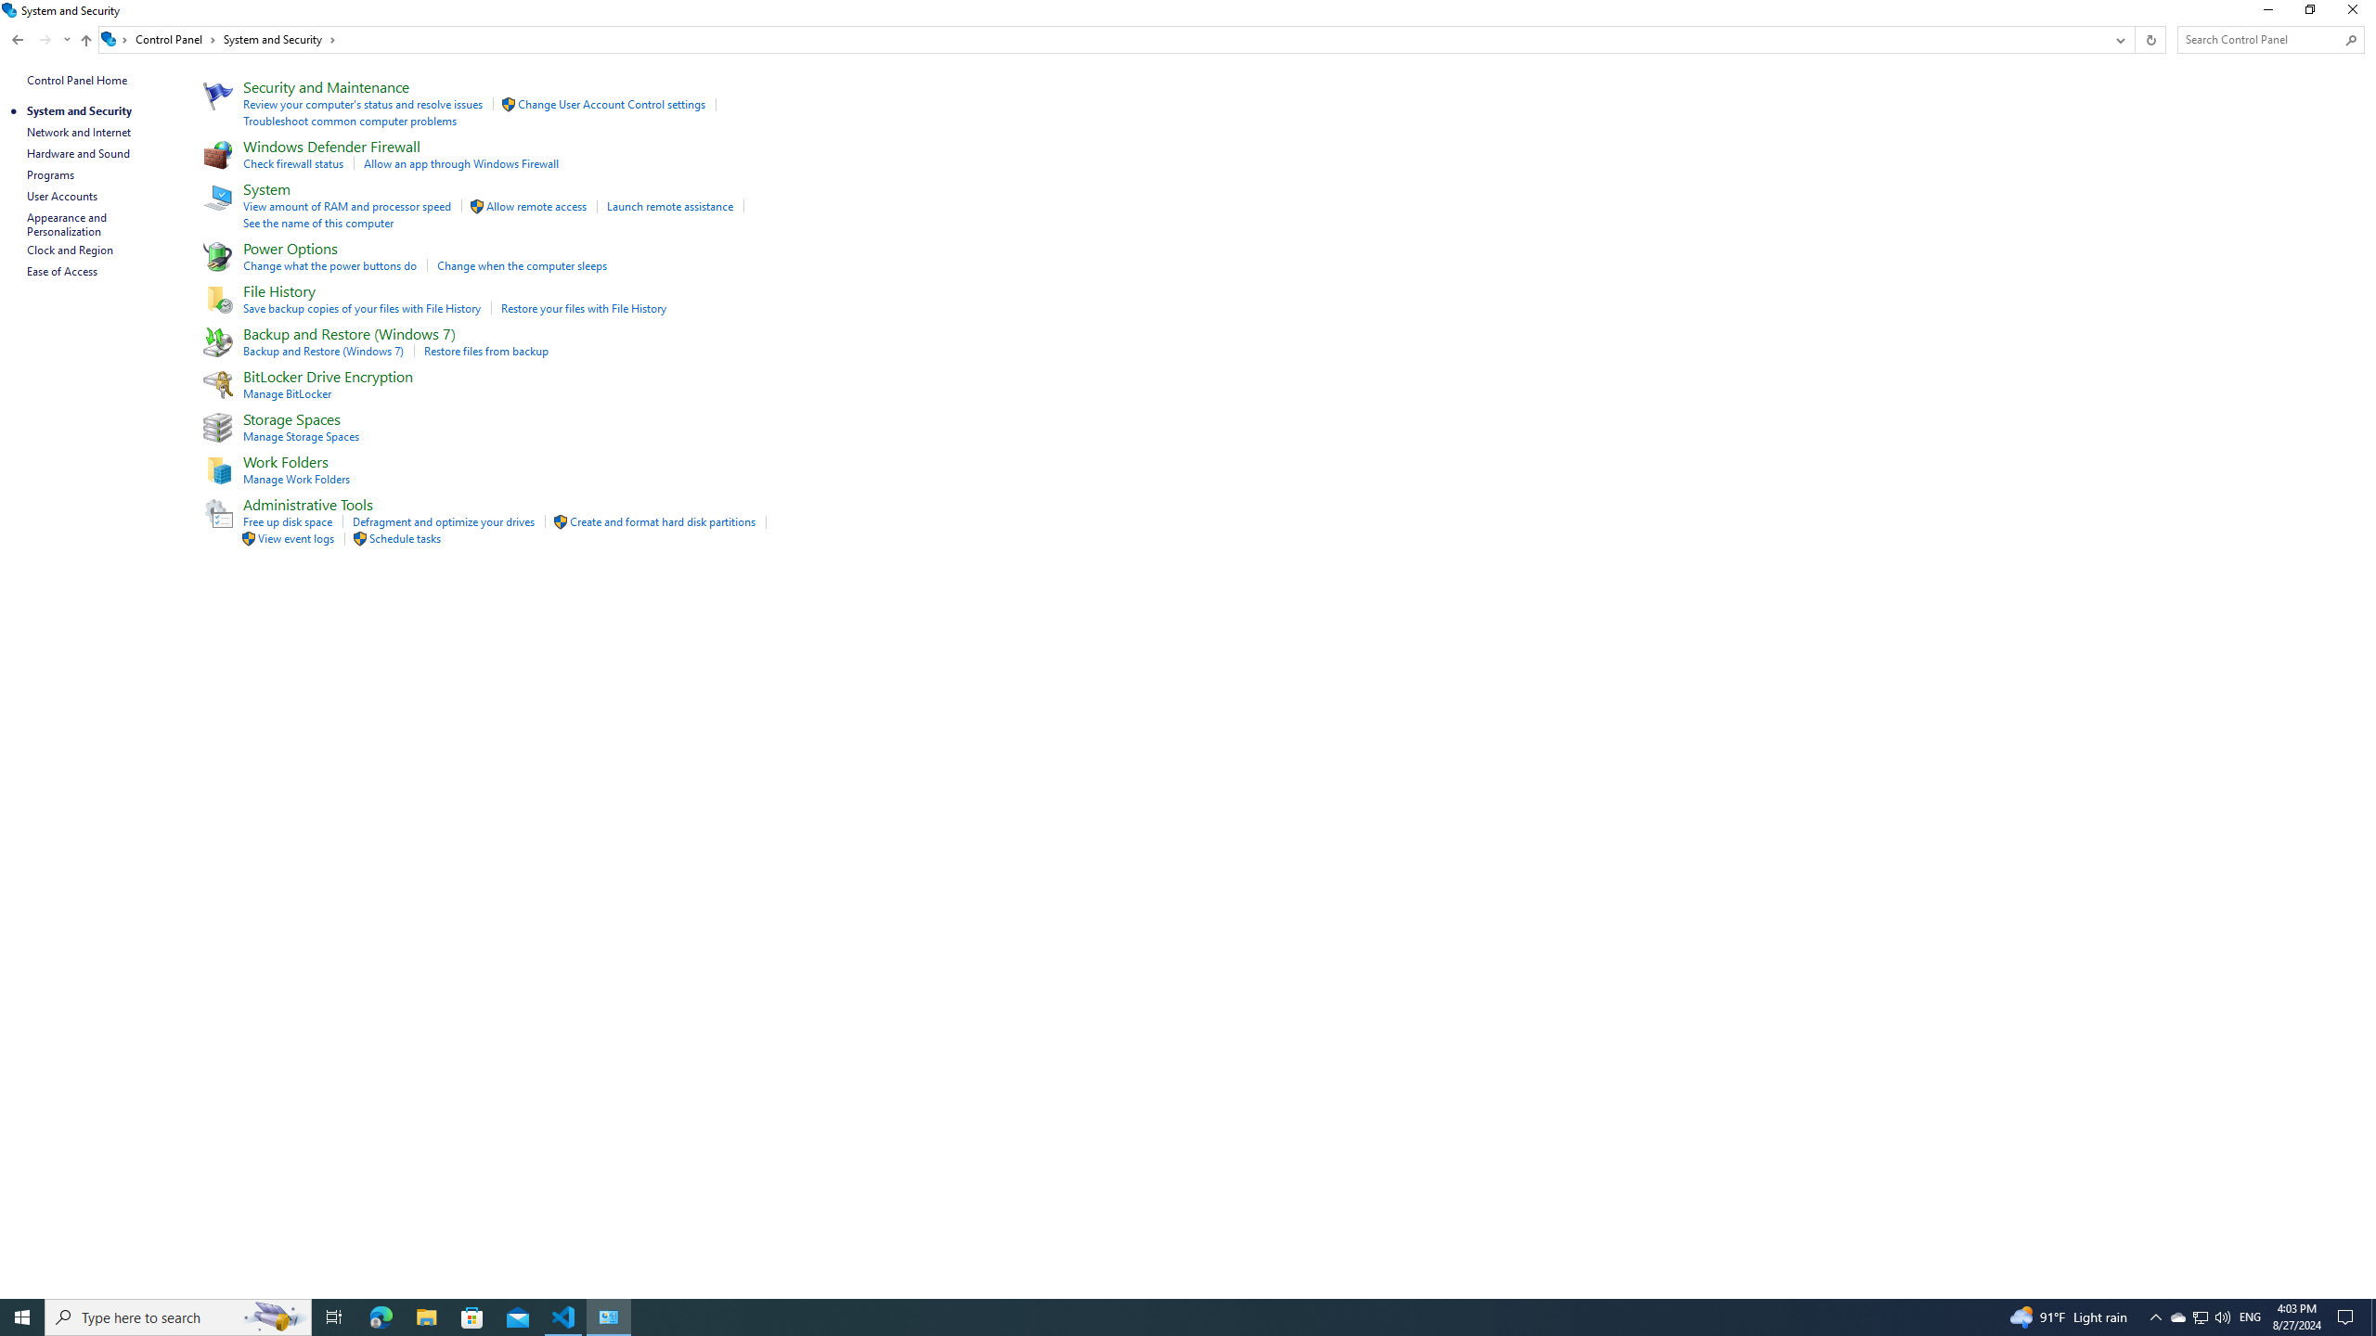 The width and height of the screenshot is (2376, 1336). What do you see at coordinates (69, 249) in the screenshot?
I see `'Clock and Region'` at bounding box center [69, 249].